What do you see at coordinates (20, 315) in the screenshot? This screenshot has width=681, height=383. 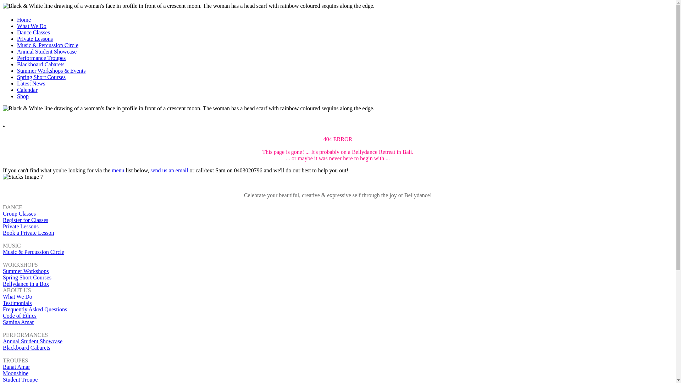 I see `'Code of Ethics'` at bounding box center [20, 315].